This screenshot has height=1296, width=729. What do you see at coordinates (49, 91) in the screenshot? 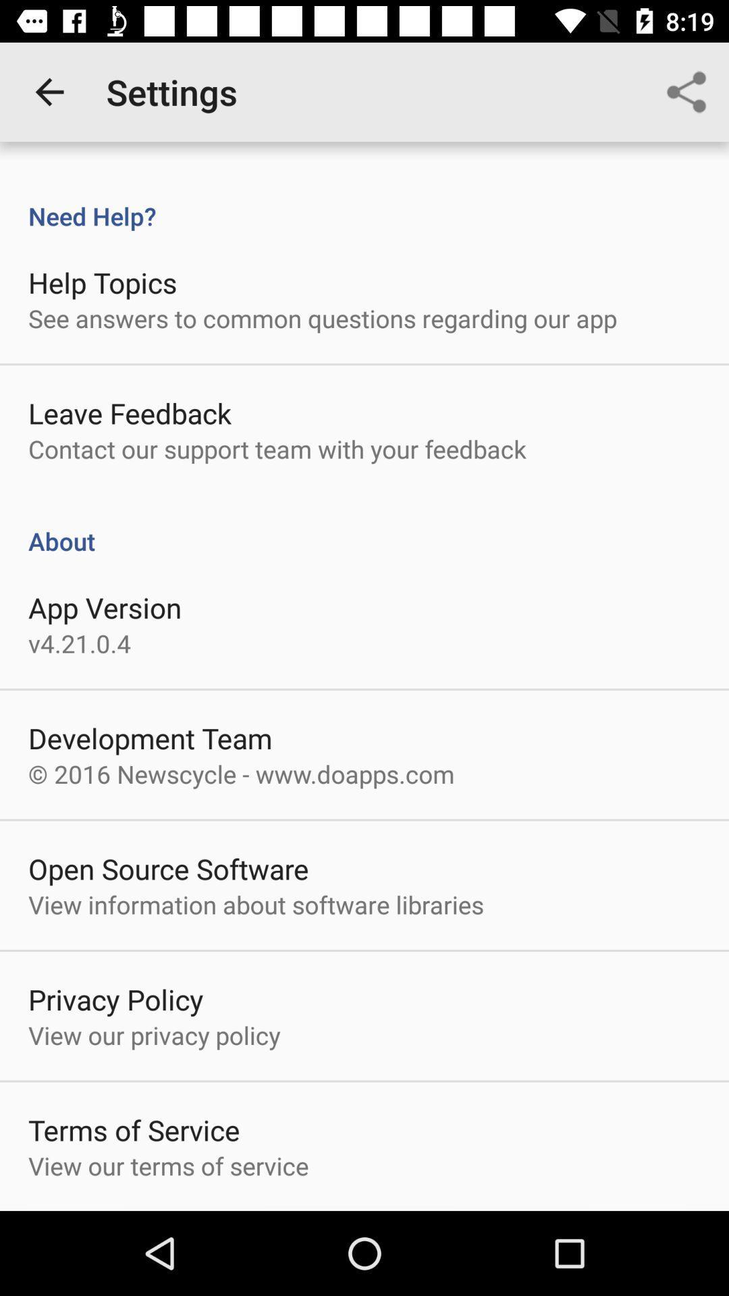
I see `the item to the left of settings` at bounding box center [49, 91].